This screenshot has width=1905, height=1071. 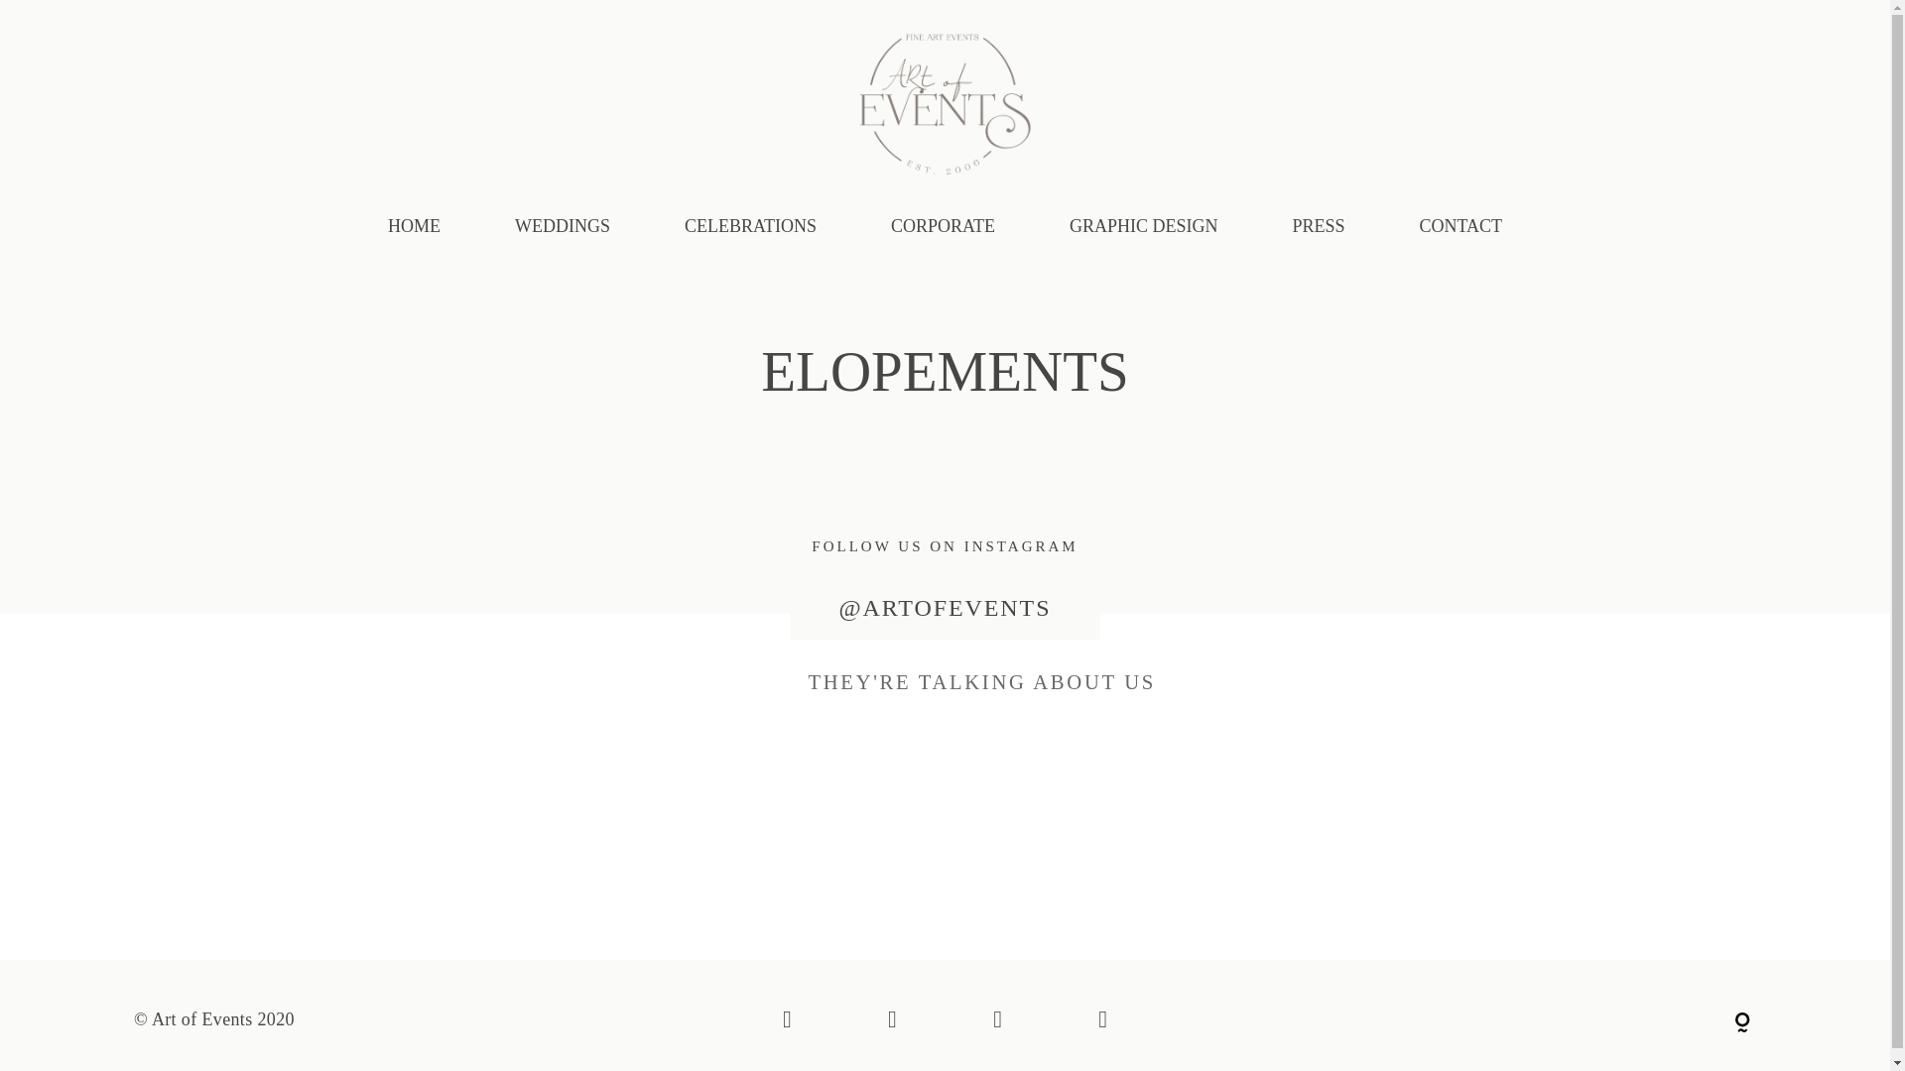 I want to click on 'PRESS', so click(x=1318, y=225).